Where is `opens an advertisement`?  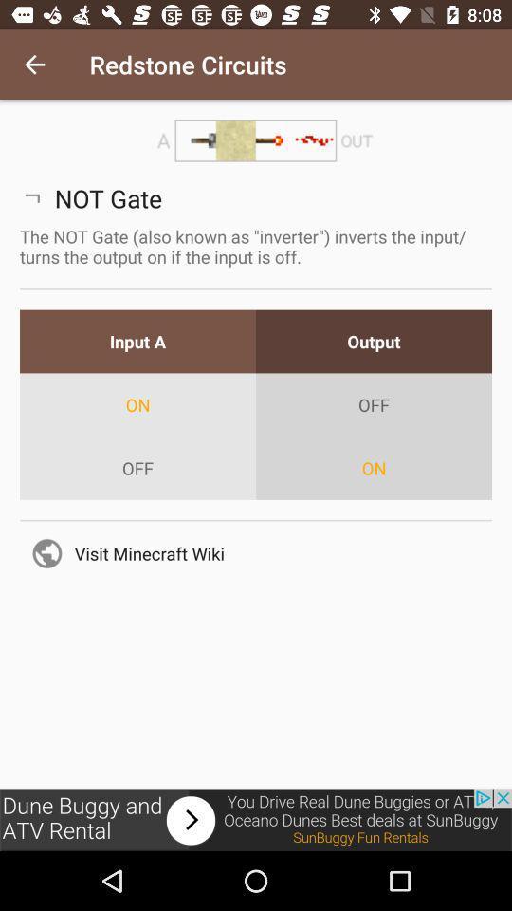 opens an advertisement is located at coordinates (256, 819).